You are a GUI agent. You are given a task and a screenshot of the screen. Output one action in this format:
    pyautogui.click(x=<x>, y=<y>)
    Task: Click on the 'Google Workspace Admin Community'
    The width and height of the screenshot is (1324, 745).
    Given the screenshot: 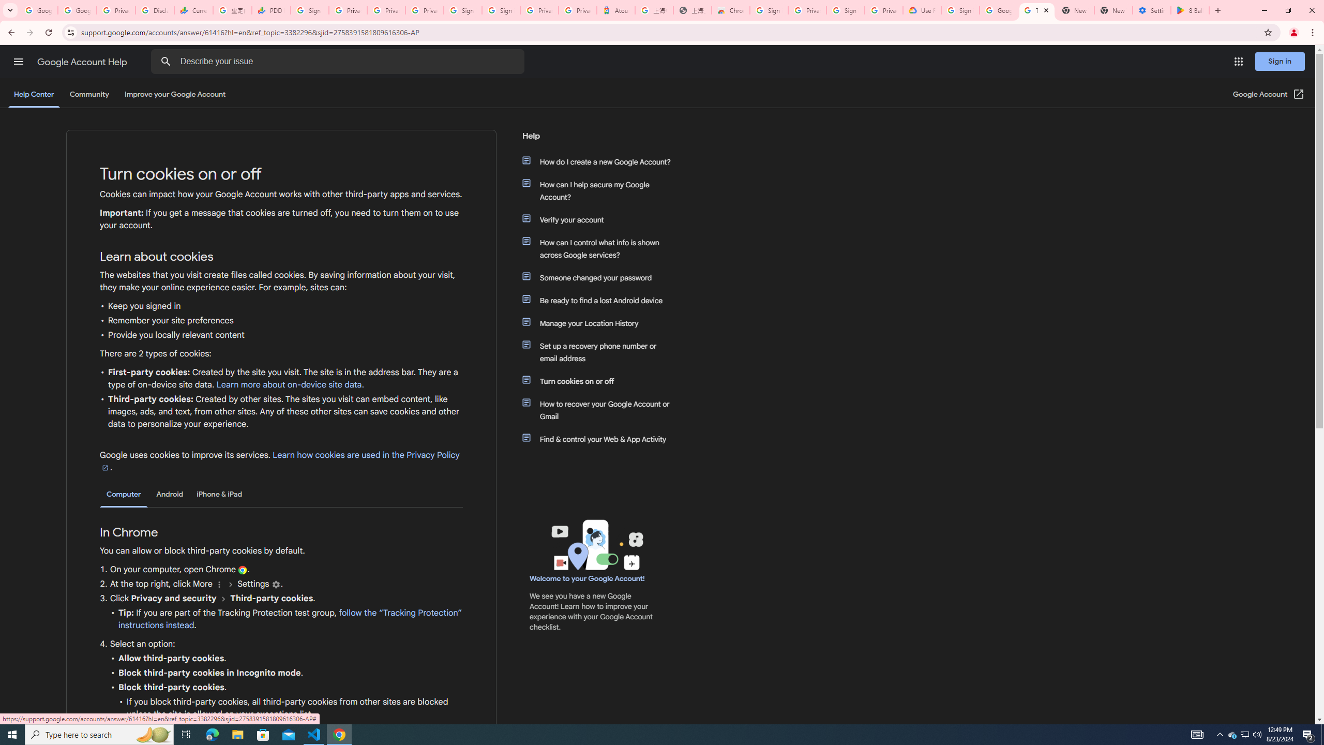 What is the action you would take?
    pyautogui.click(x=38, y=10)
    